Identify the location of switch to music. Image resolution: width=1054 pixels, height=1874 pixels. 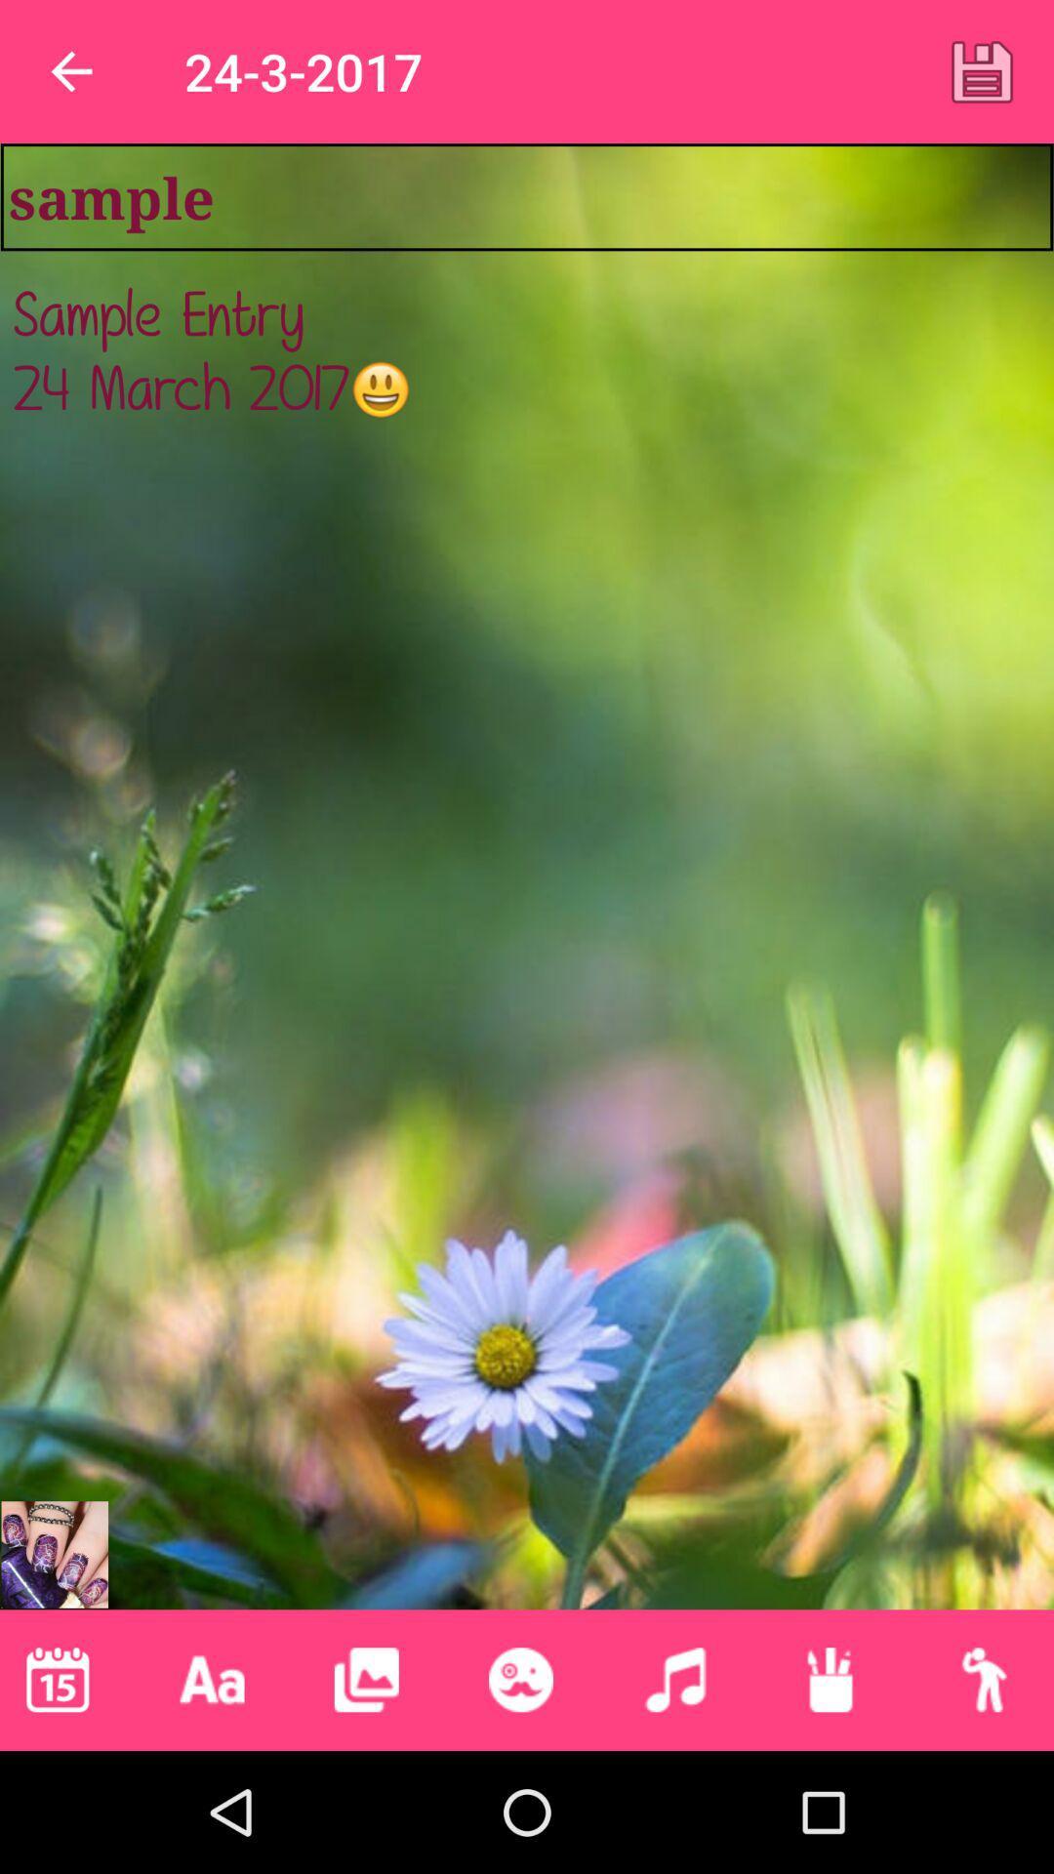
(674, 1679).